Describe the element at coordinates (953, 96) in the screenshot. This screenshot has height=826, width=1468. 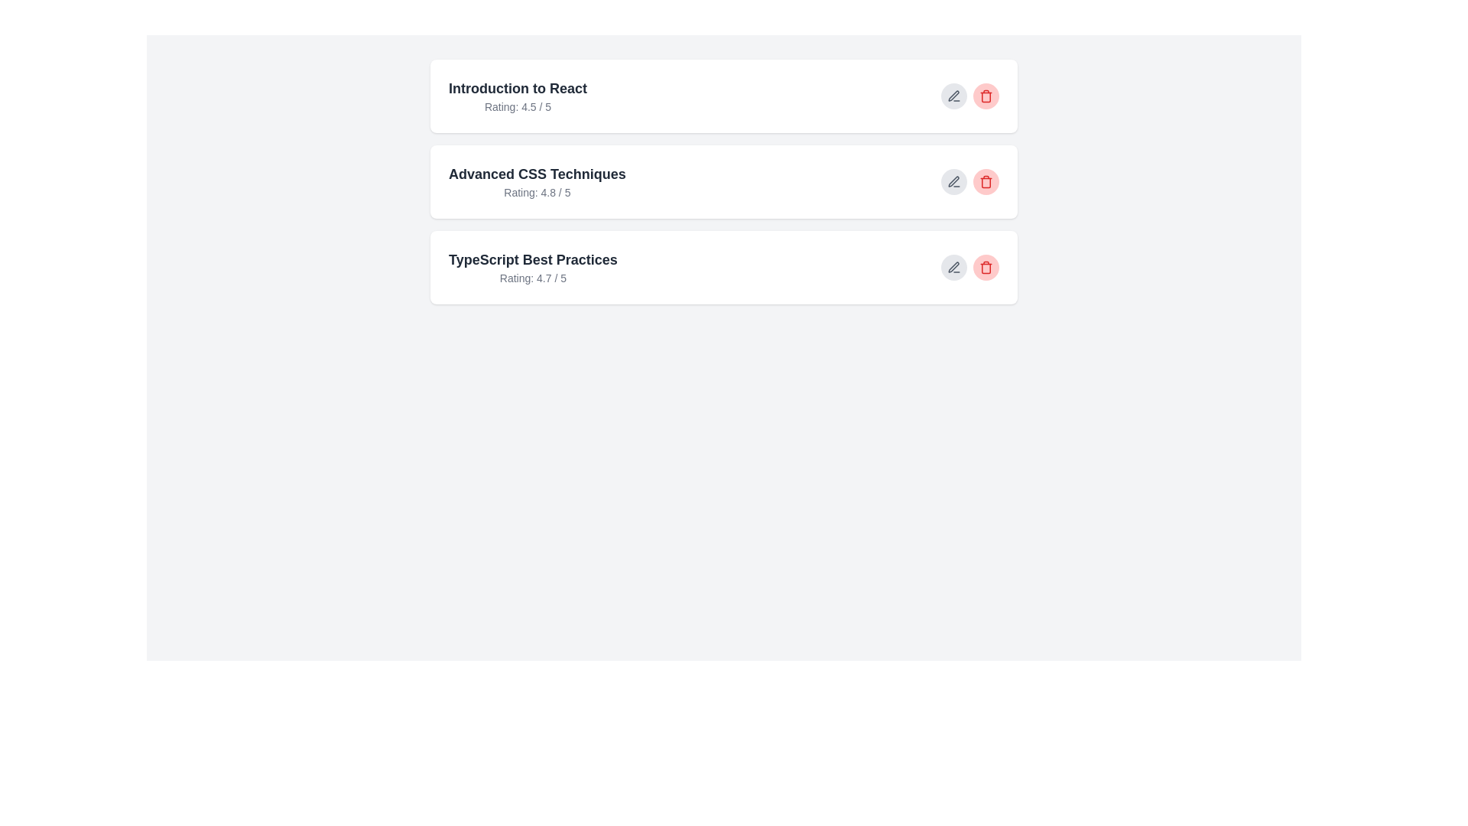
I see `the edit button located to the left of the red circular delete button for the 'Introduction to React' item to initiate editing` at that location.